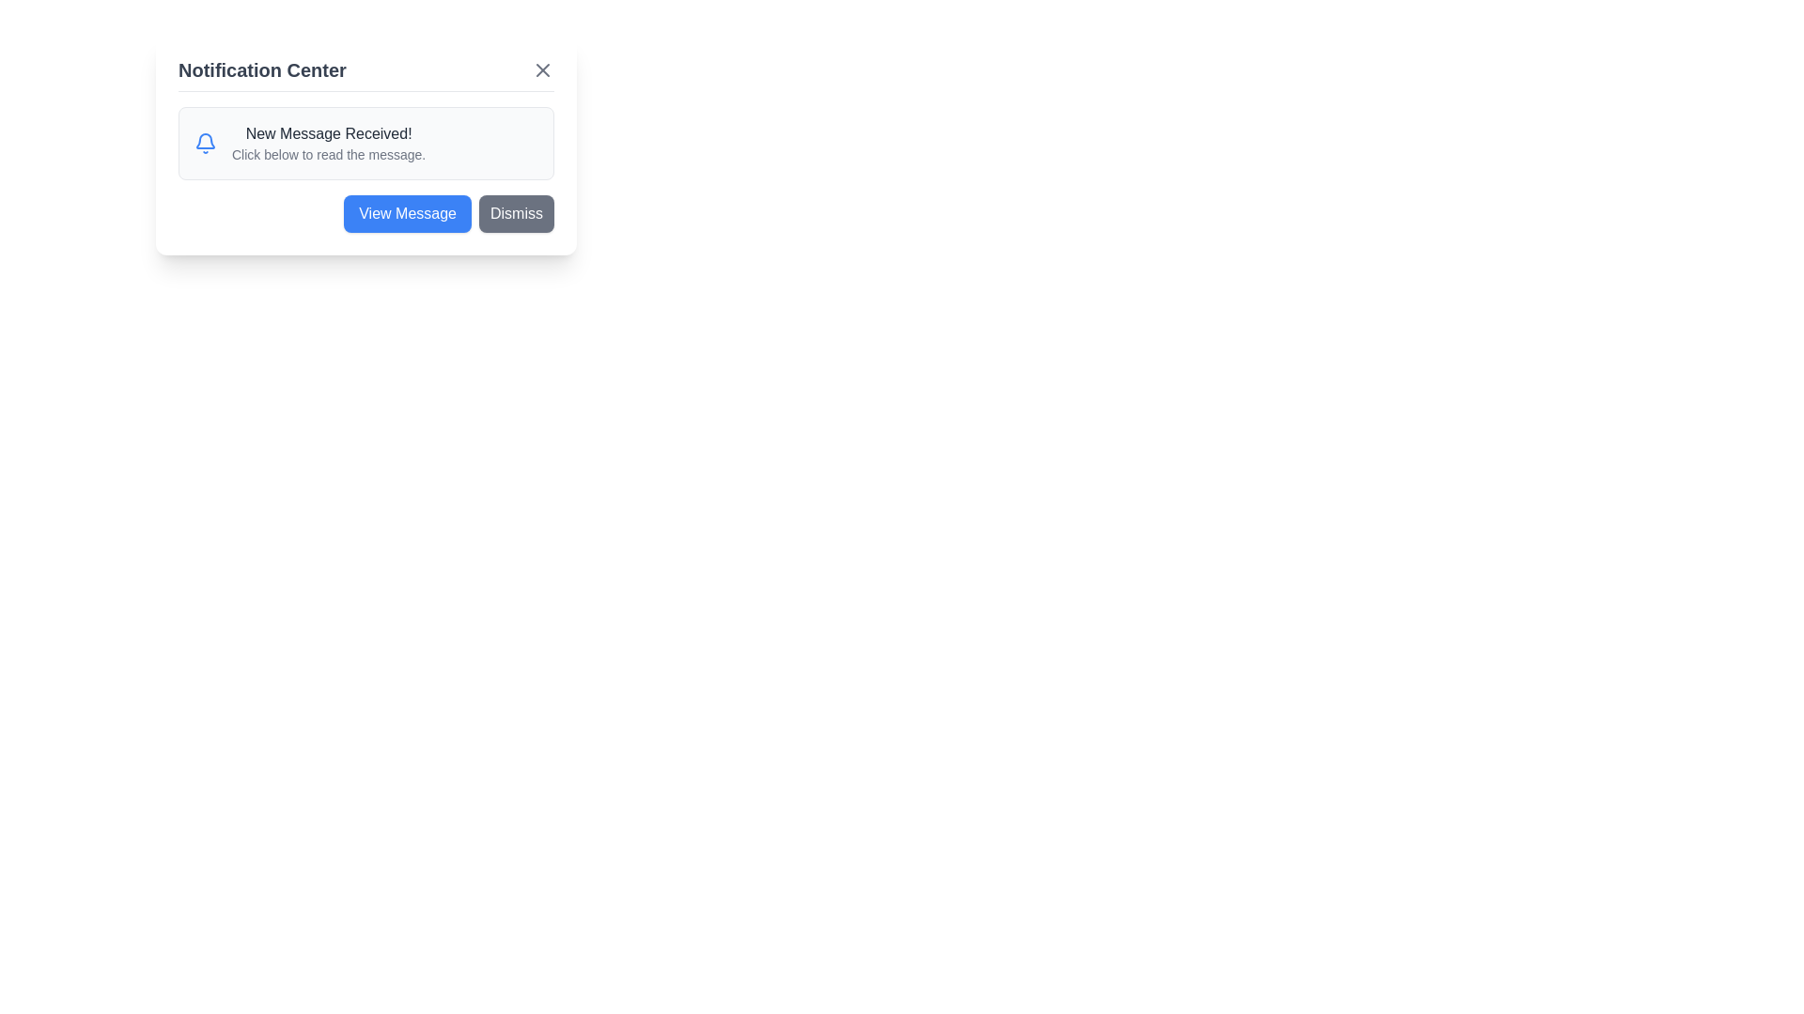 This screenshot has width=1804, height=1014. What do you see at coordinates (261, 69) in the screenshot?
I see `the 'Notification Center' static text element, which is a prominent header in the notification panel's header bar` at bounding box center [261, 69].